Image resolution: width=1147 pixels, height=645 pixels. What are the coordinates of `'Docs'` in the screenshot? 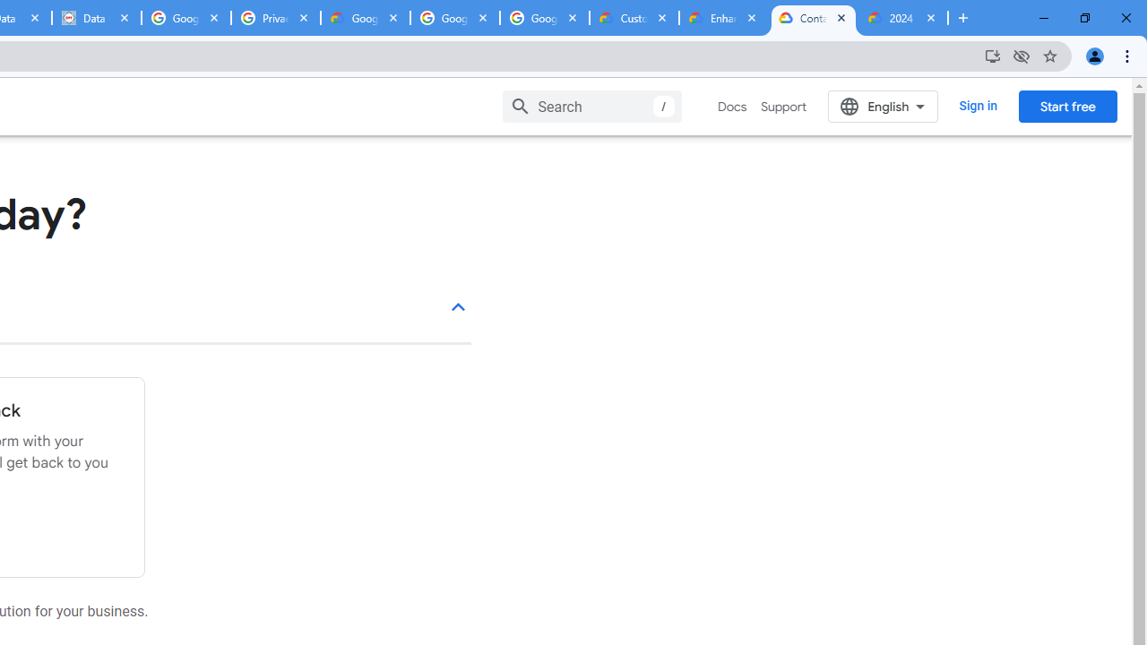 It's located at (732, 107).